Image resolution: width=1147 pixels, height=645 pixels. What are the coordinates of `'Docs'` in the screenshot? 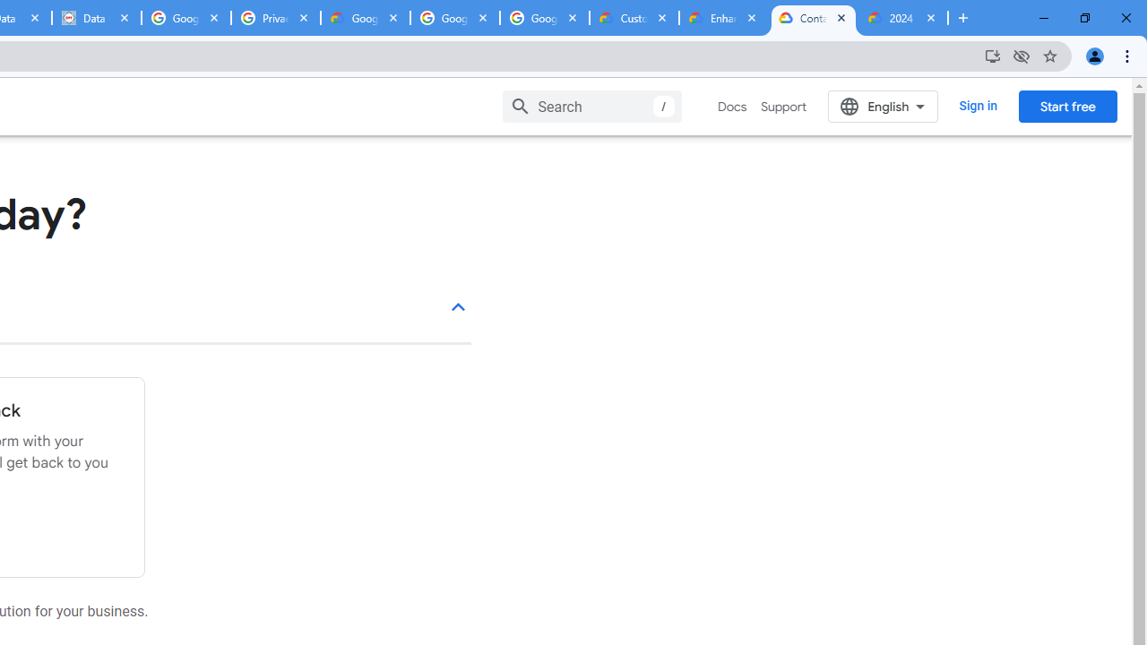 It's located at (732, 107).